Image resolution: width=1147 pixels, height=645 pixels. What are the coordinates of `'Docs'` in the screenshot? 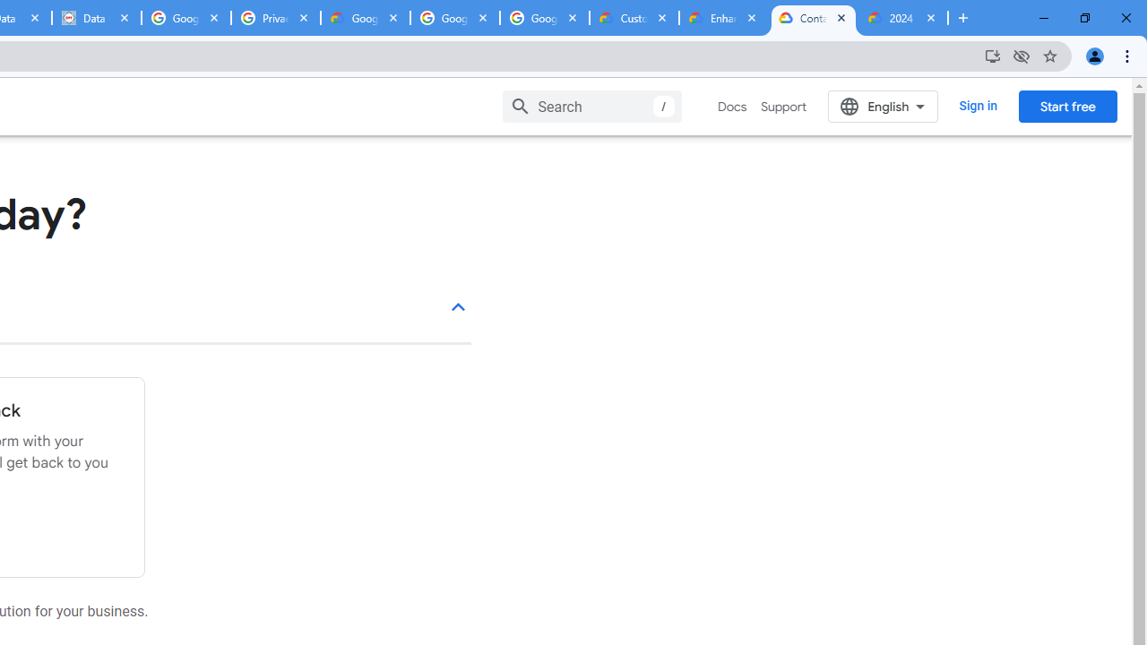 It's located at (732, 107).